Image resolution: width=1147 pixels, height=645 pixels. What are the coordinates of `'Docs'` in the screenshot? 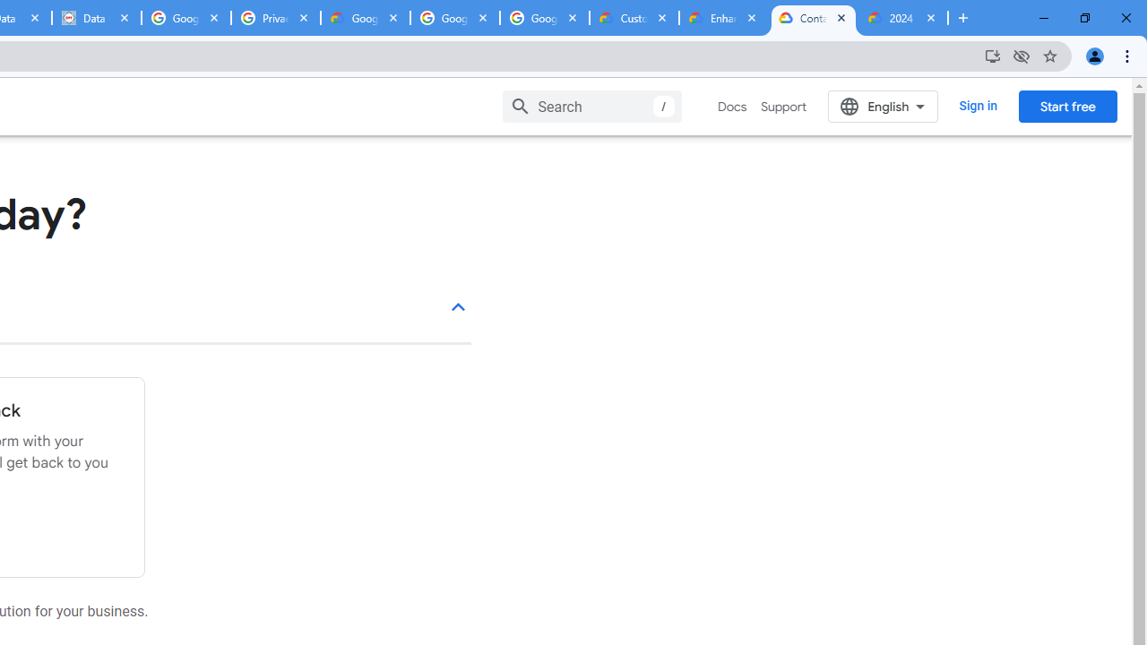 It's located at (732, 107).